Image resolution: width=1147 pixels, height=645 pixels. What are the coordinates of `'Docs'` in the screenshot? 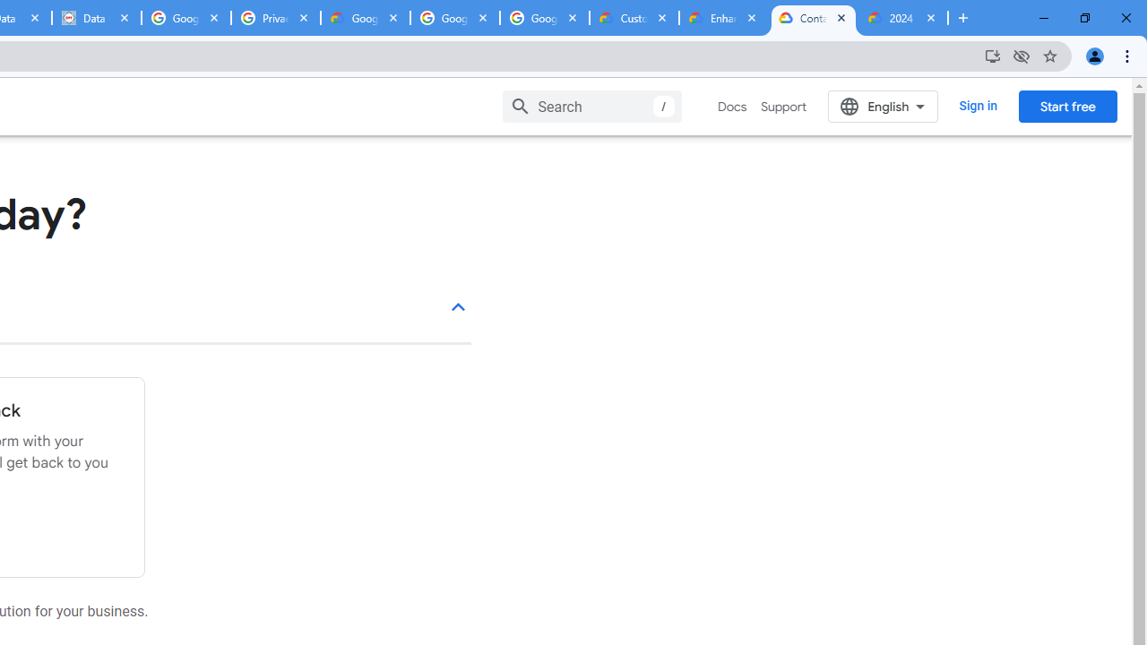 It's located at (732, 107).